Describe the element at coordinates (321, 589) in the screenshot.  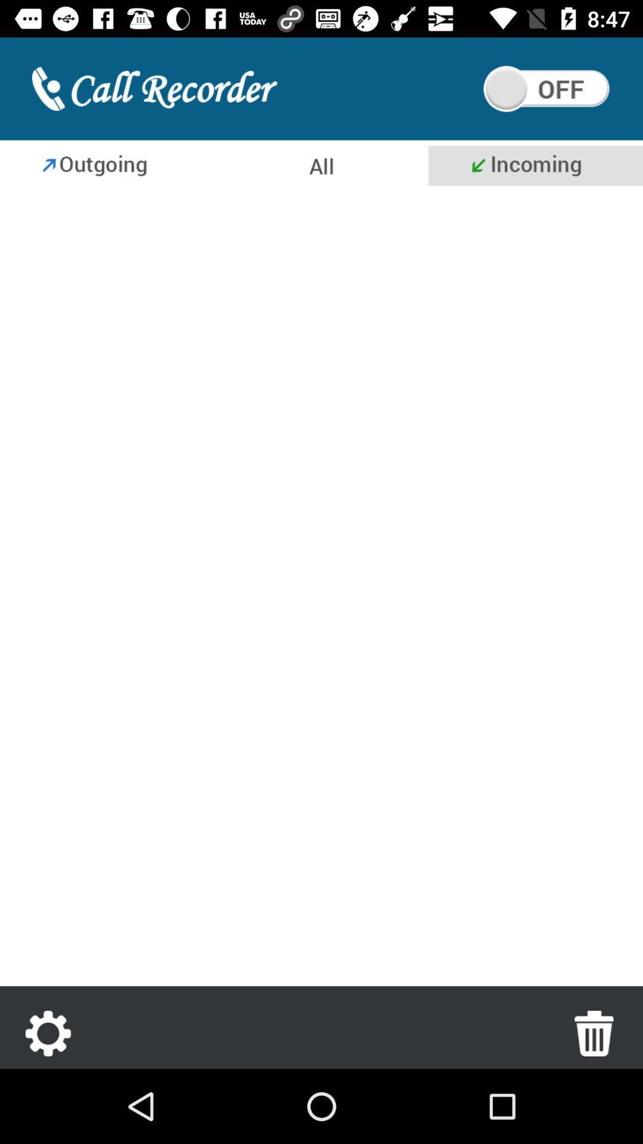
I see `item at the center` at that location.